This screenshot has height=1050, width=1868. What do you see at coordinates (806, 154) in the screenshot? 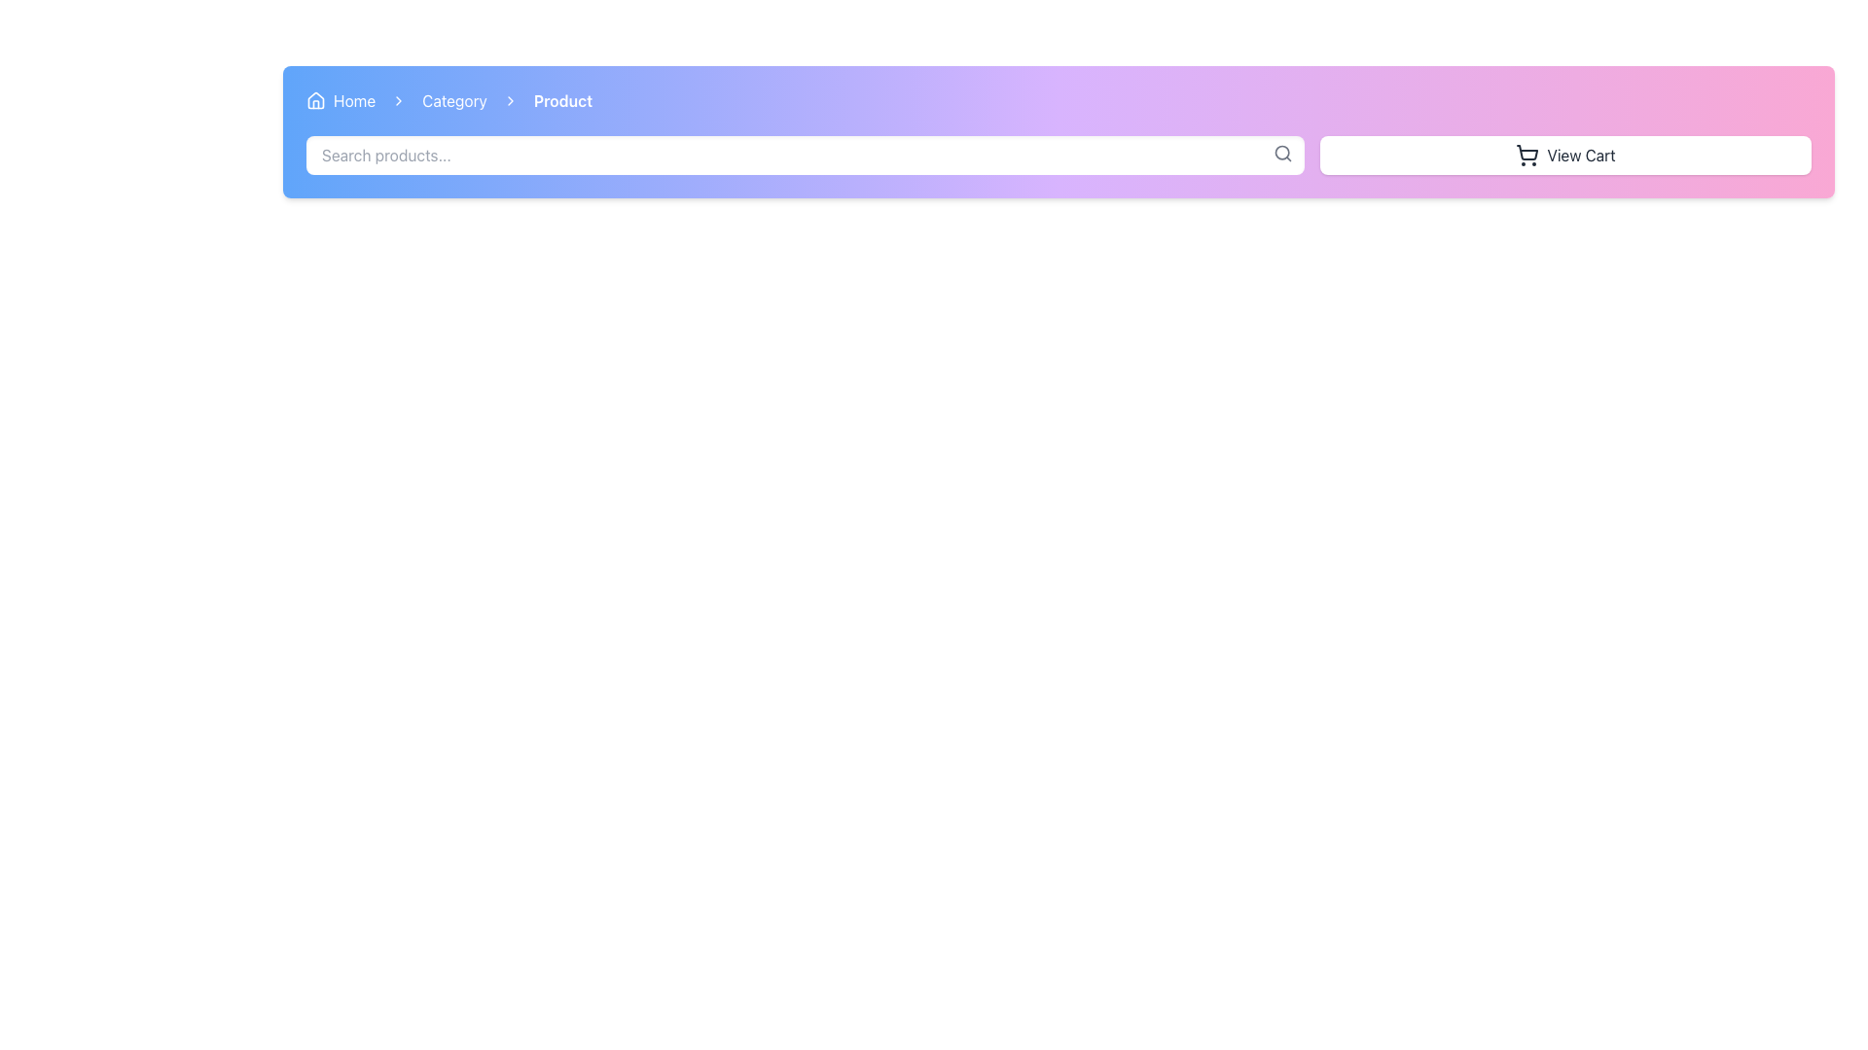
I see `the input area of the Search Bar, which is a horizontally elongated rectangular bar with a gradient blue-to-pink background, to focus on the input field labeled 'Search products...'` at bounding box center [806, 154].